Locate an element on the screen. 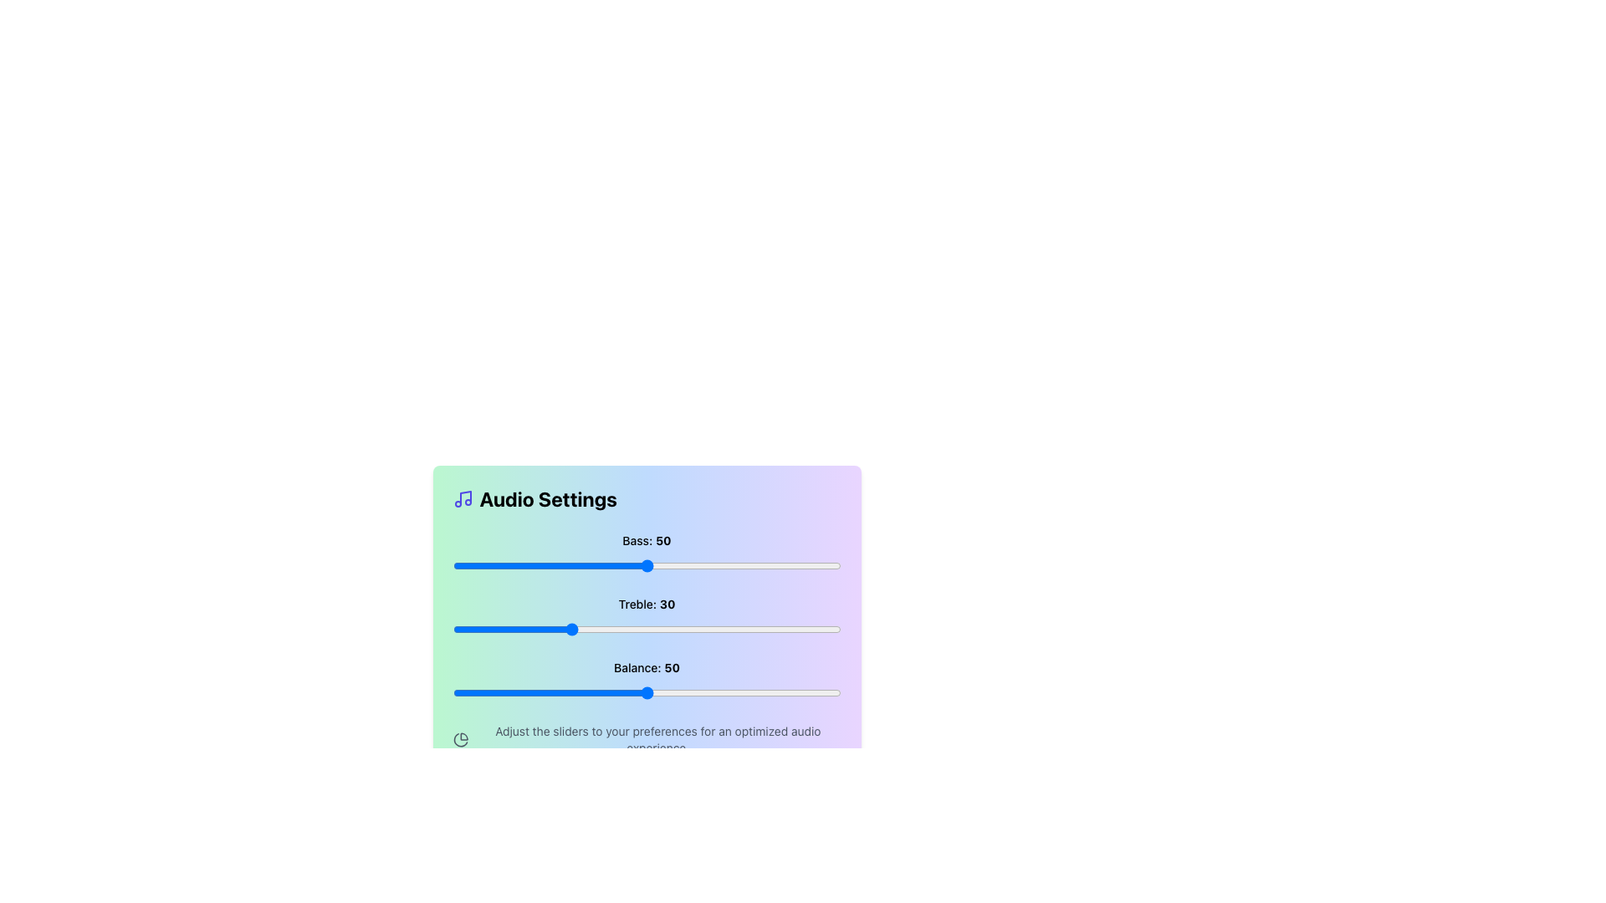 Image resolution: width=1606 pixels, height=903 pixels. the guidance label with an accompanying icon located beneath the Bass, Treble, and Balance sliders for audio settings optimization is located at coordinates (646, 738).